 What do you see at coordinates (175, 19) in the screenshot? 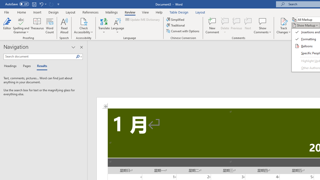
I see `'Simplified'` at bounding box center [175, 19].